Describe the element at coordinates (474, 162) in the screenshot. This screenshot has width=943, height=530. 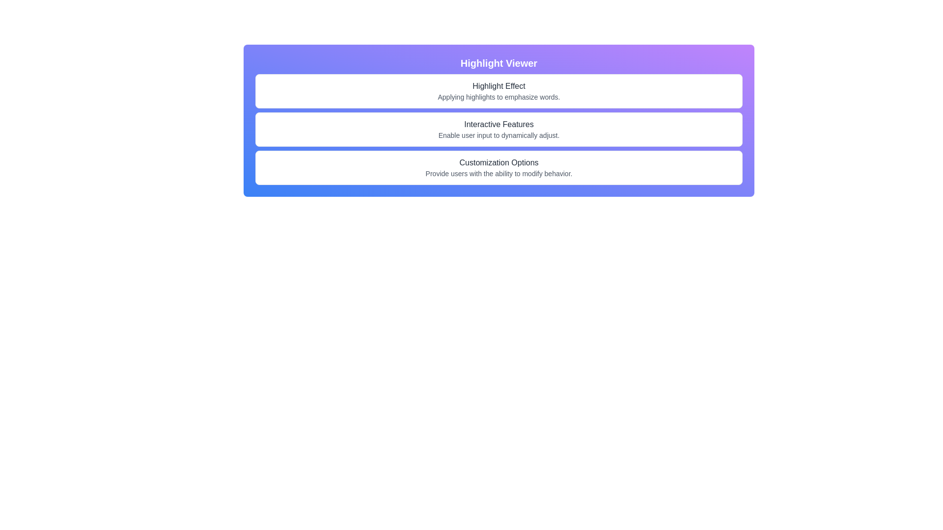
I see `the fourth letter 'm' in the word 'Customization' within the text 'Customization Options', which is the third option under the 'Highlight Viewer' header` at that location.